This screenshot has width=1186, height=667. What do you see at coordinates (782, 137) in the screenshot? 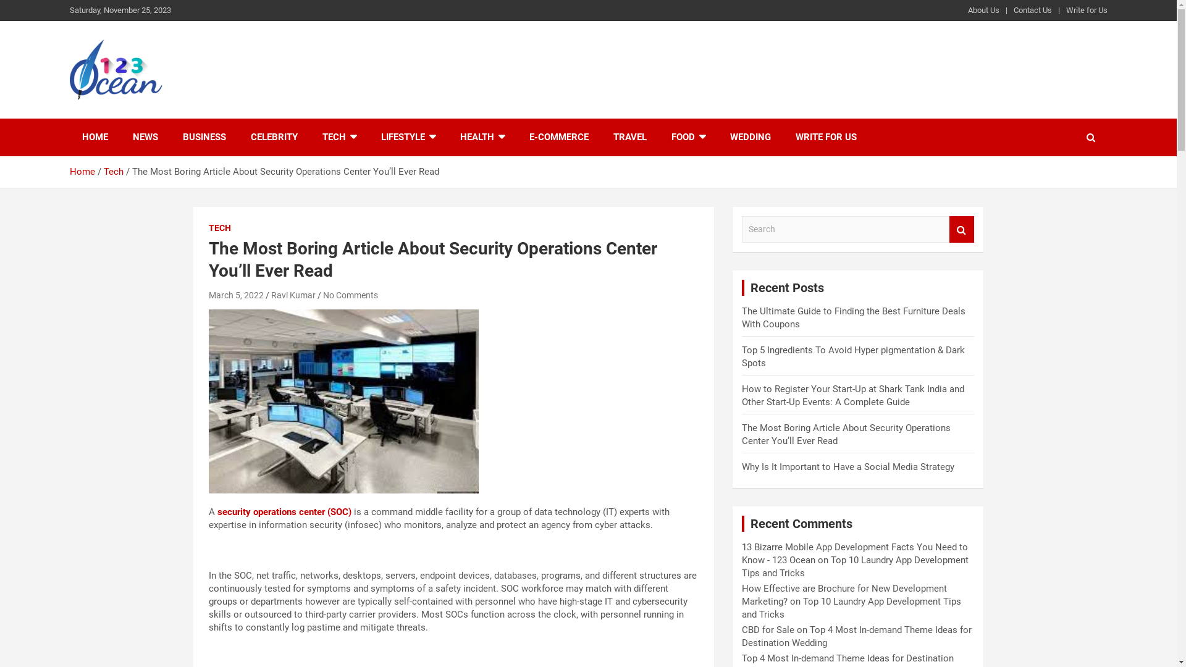
I see `'WRITE FOR US'` at bounding box center [782, 137].